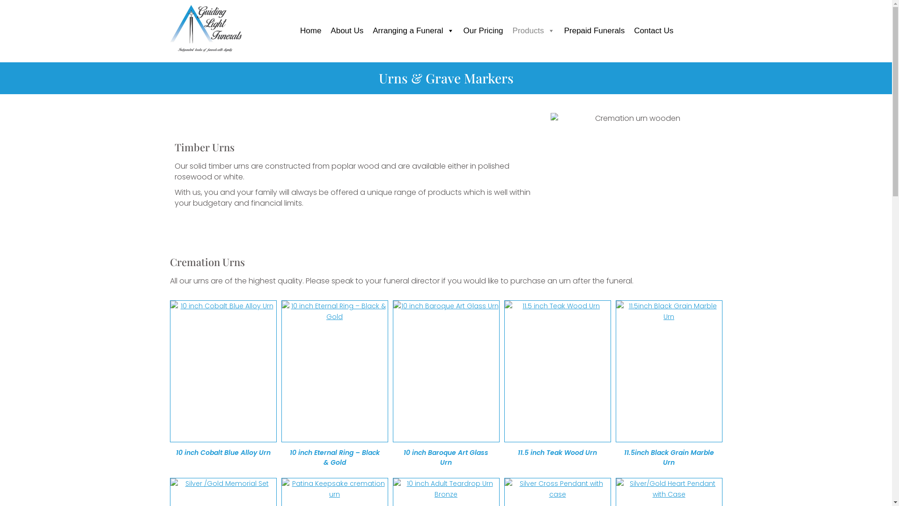 The height and width of the screenshot is (506, 899). What do you see at coordinates (310, 30) in the screenshot?
I see `'Home'` at bounding box center [310, 30].